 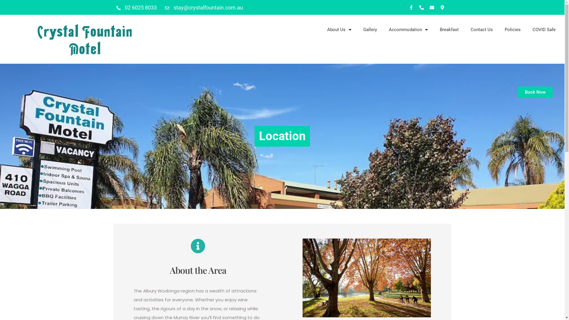 I want to click on 'stay@crystalfountain.com.au', so click(x=204, y=7).